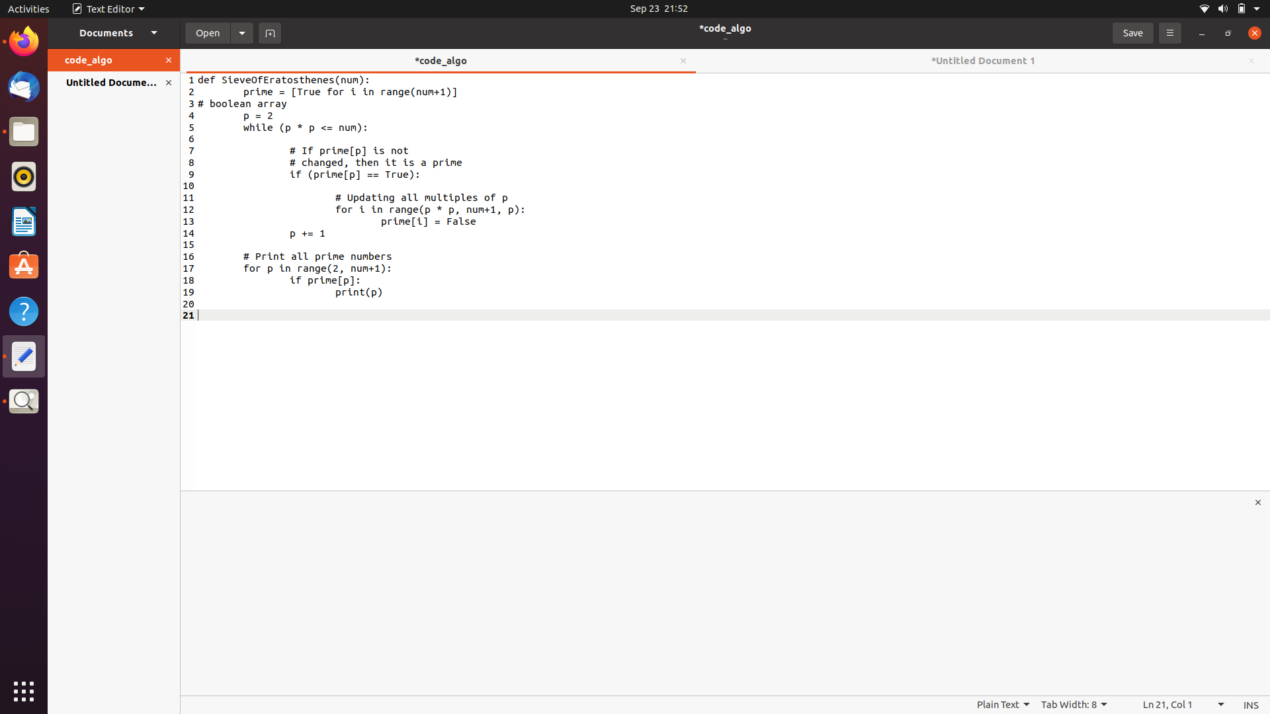 Image resolution: width=1270 pixels, height=714 pixels. I want to click on Hit the save icon to preserve the edits made in the document, so click(1132, 31).